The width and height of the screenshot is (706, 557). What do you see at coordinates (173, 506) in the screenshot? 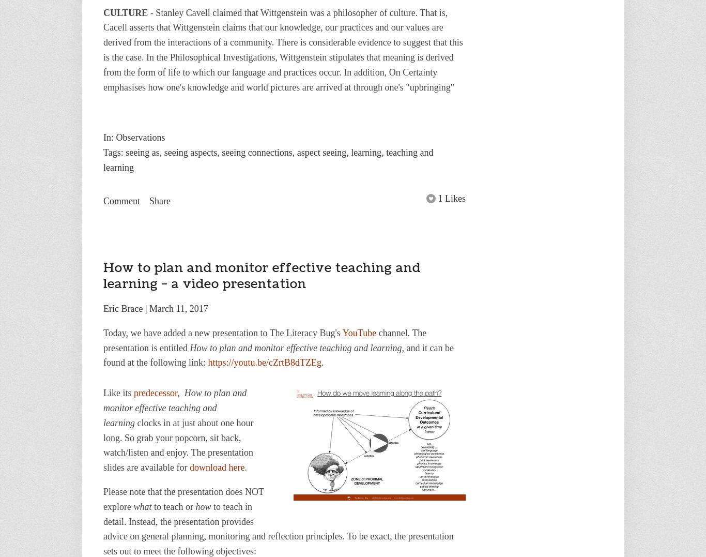
I see `'to teach or'` at bounding box center [173, 506].